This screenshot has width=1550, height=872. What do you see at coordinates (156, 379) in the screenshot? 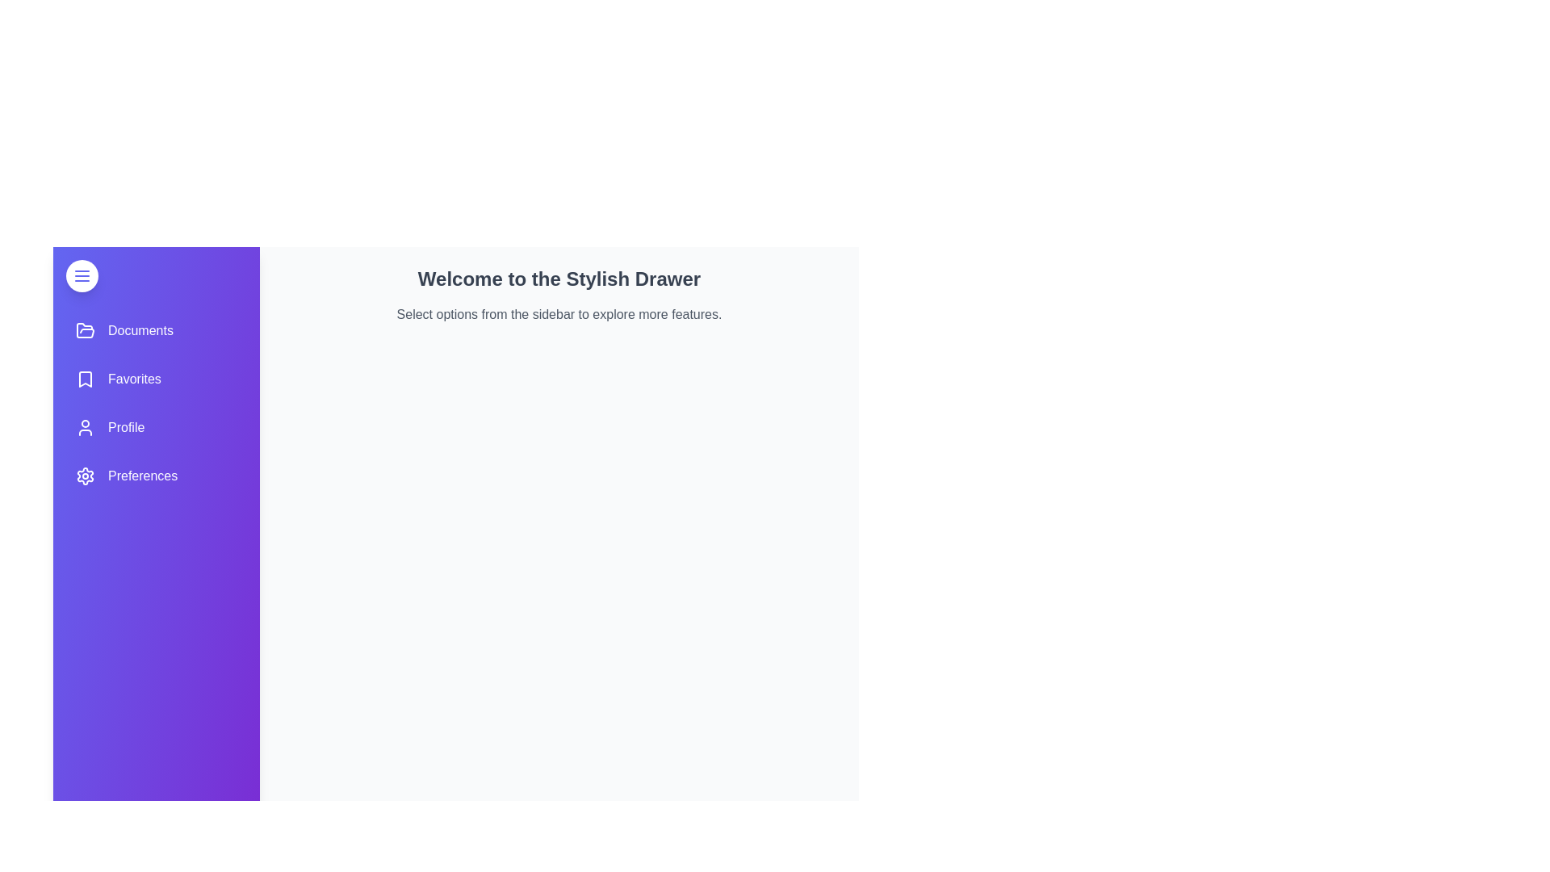
I see `the menu item Favorites from the sidebar` at bounding box center [156, 379].